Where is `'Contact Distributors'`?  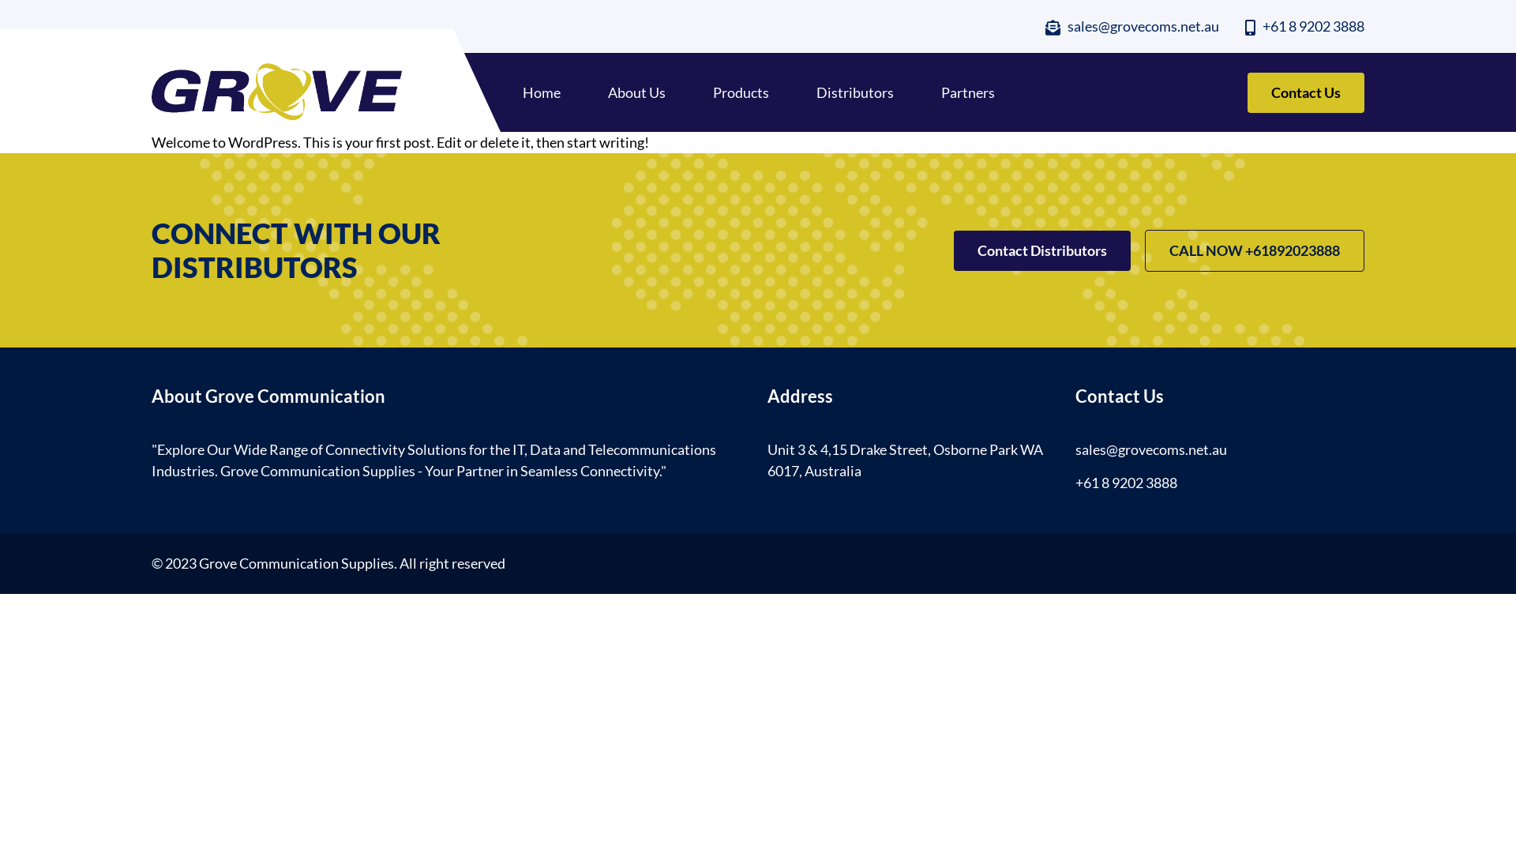 'Contact Distributors' is located at coordinates (1042, 250).